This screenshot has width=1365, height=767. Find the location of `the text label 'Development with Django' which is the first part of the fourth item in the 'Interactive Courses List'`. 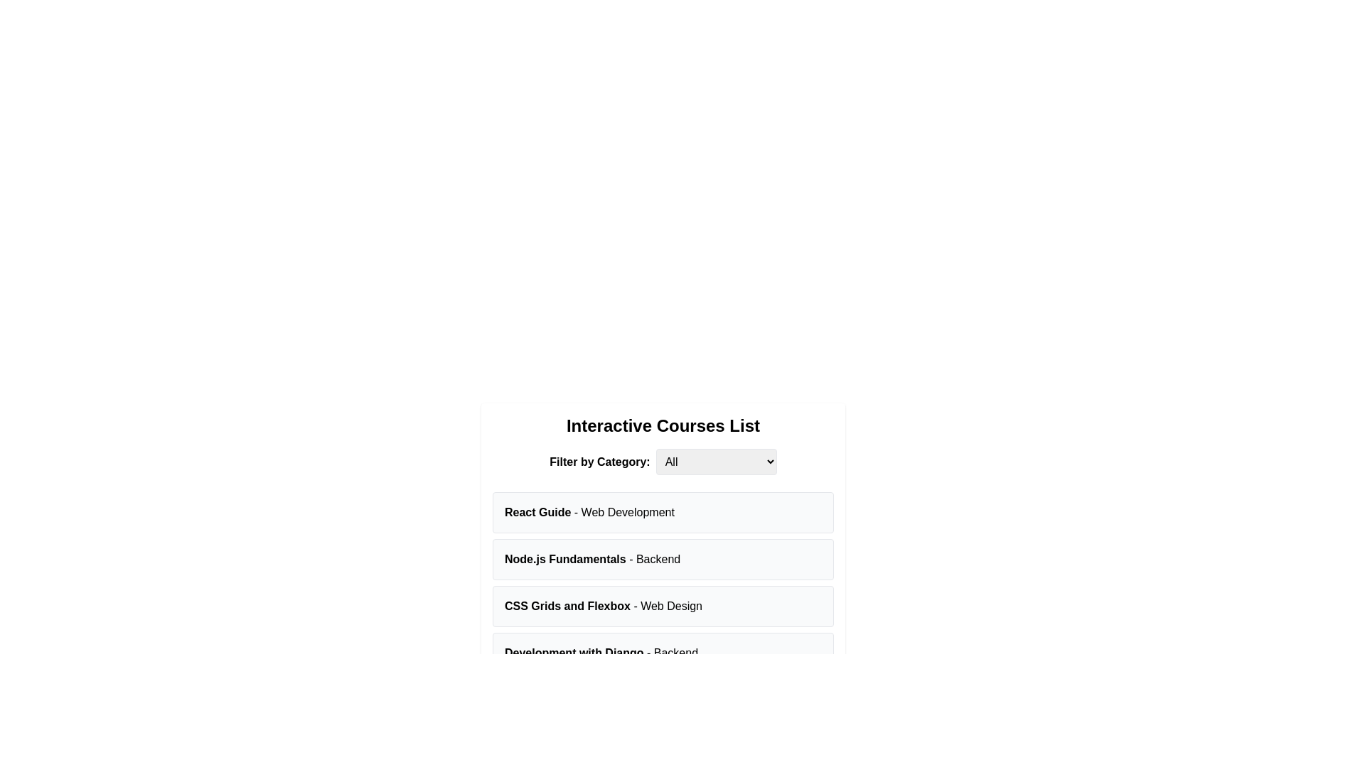

the text label 'Development with Django' which is the first part of the fourth item in the 'Interactive Courses List' is located at coordinates (574, 653).